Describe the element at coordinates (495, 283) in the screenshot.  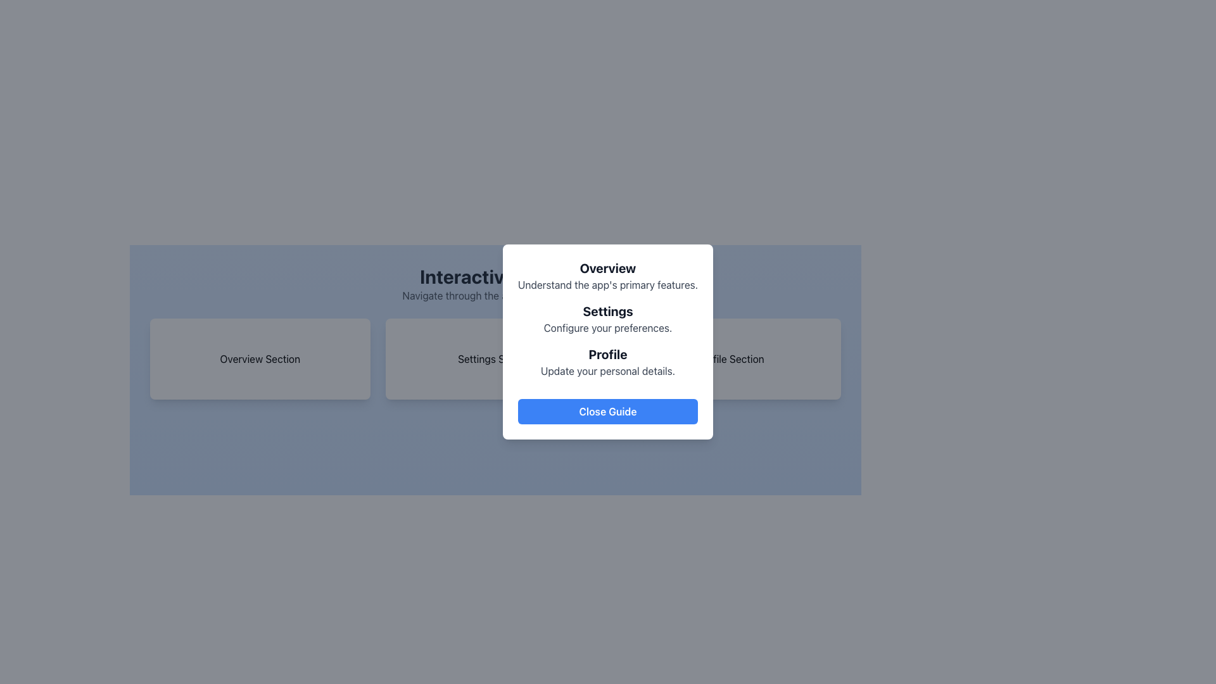
I see `the text block titled 'Interactive Guide' which includes the subtitle 'Navigate through the app's key features'` at that location.